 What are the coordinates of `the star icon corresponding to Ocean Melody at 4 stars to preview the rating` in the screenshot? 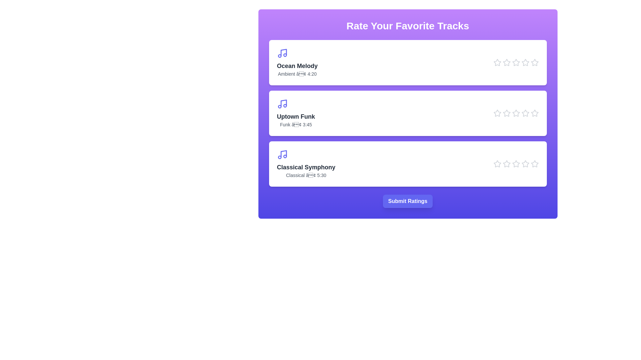 It's located at (525, 63).